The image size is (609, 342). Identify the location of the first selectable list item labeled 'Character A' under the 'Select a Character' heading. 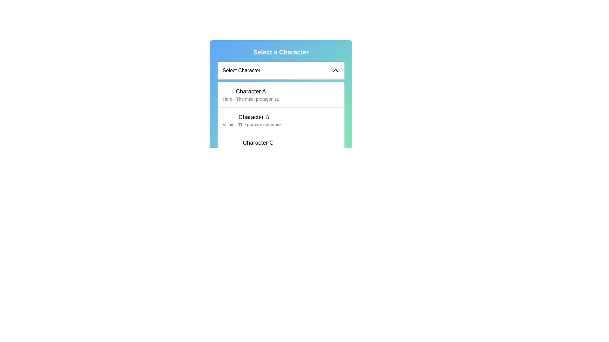
(251, 95).